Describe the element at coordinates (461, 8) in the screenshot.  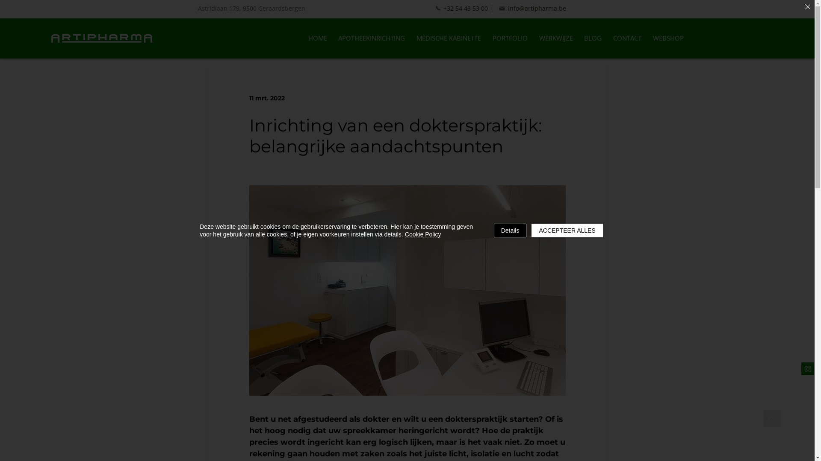
I see `'+32 54 43 53 00'` at that location.